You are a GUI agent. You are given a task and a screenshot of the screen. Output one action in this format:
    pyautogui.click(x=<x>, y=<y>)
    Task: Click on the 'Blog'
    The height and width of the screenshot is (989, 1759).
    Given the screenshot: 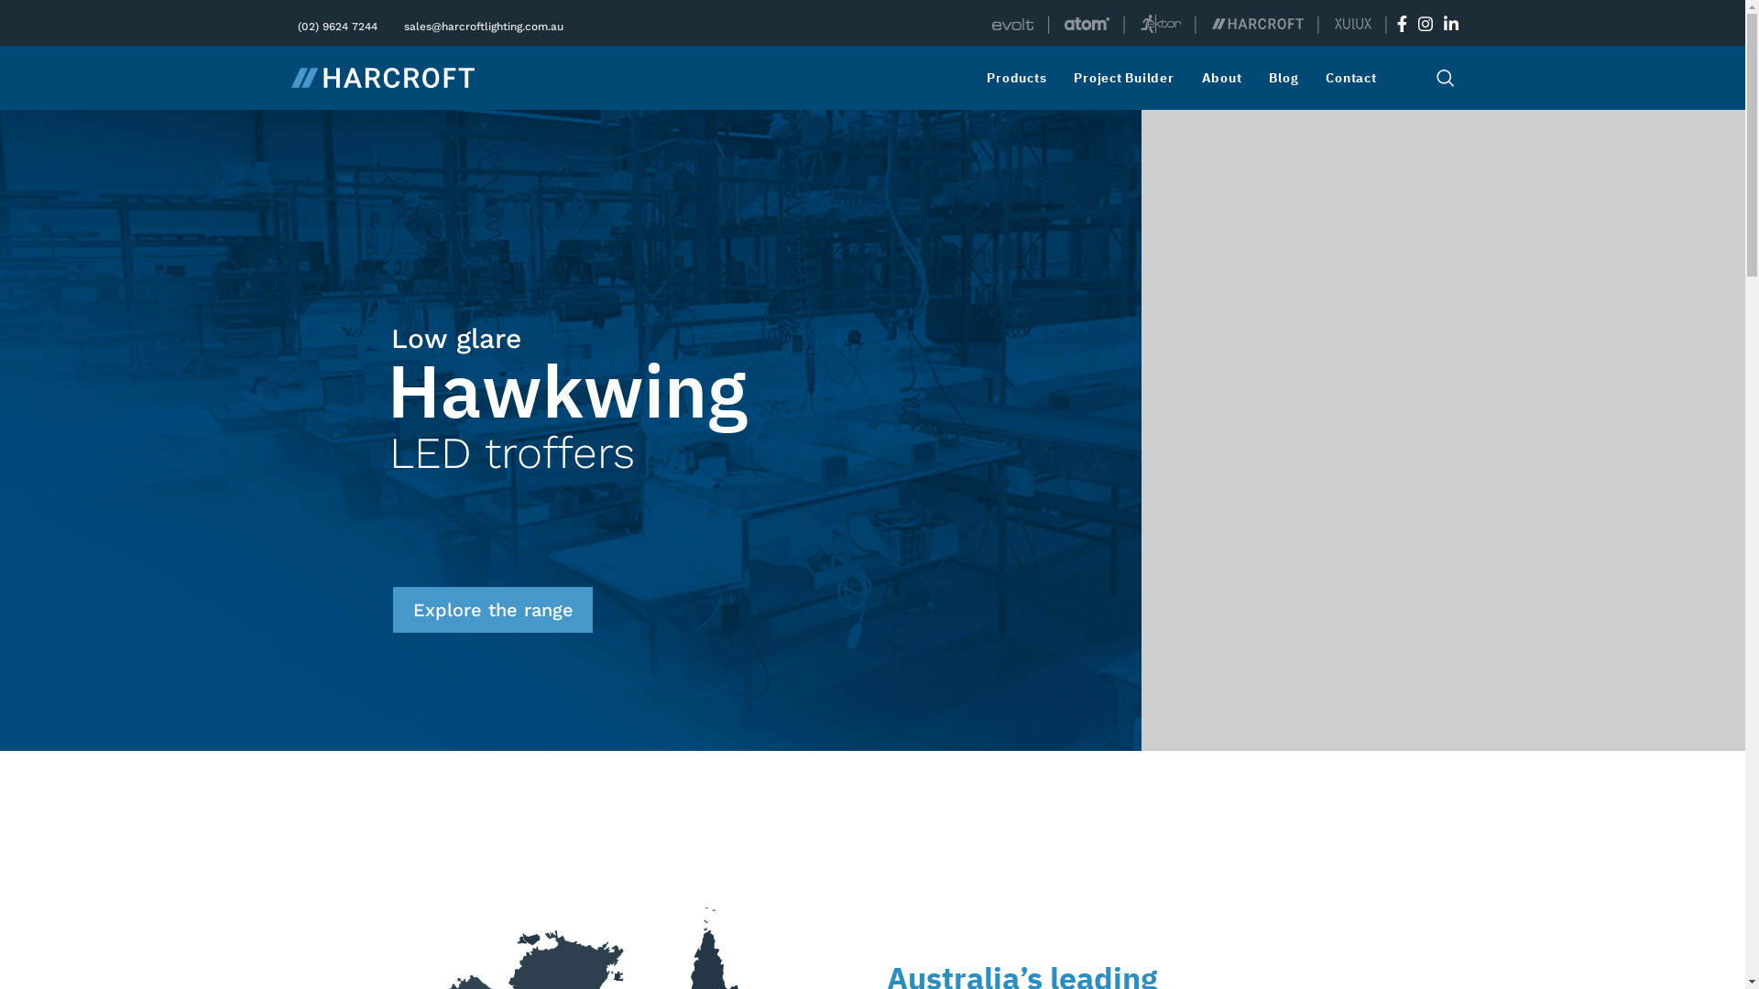 What is the action you would take?
    pyautogui.click(x=1287, y=76)
    